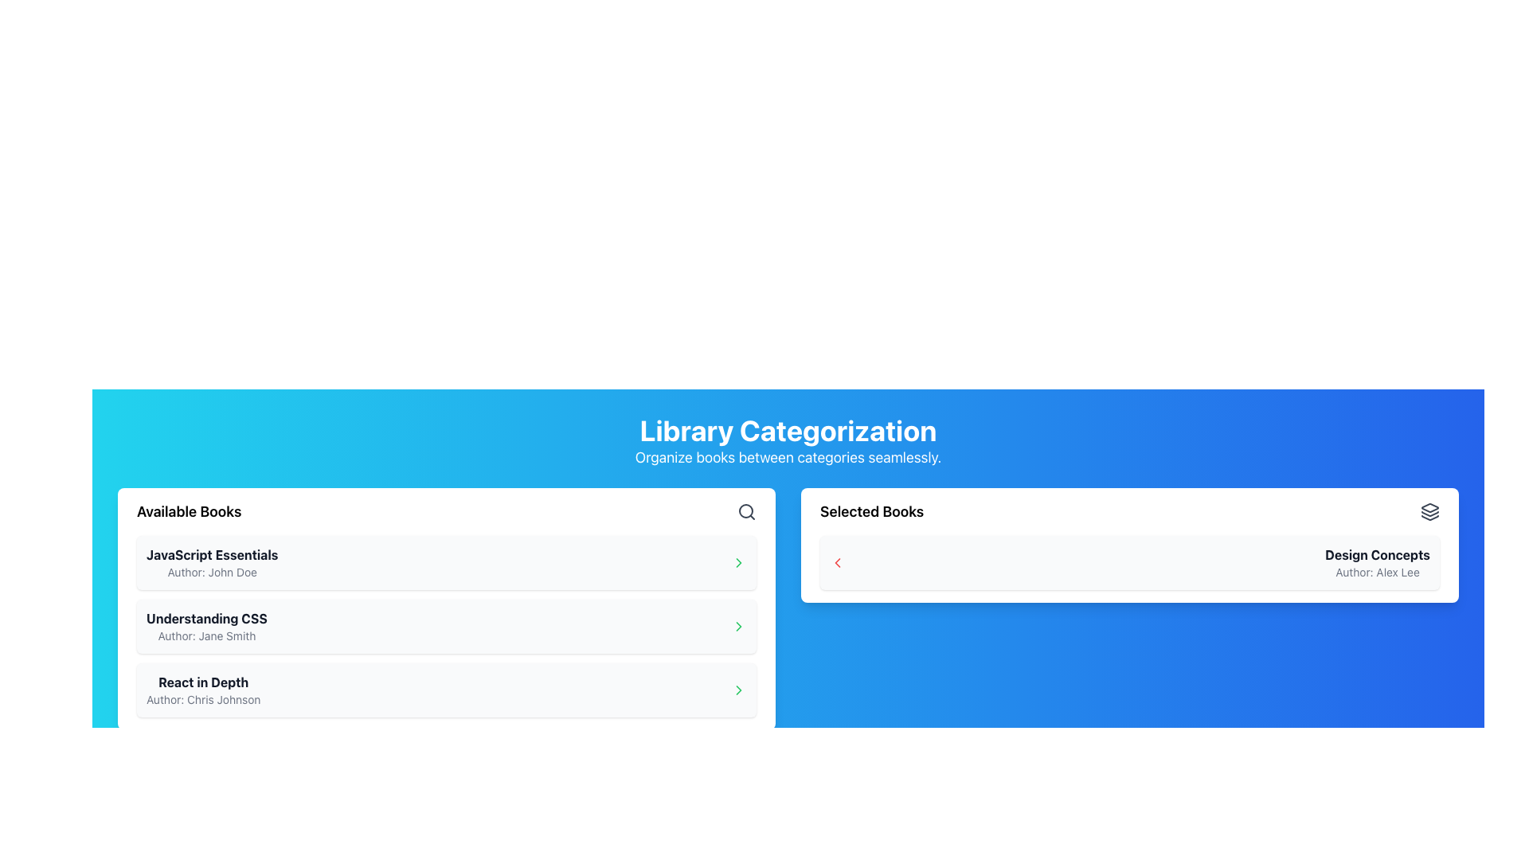 This screenshot has width=1529, height=860. What do you see at coordinates (446, 512) in the screenshot?
I see `the text within the Header with an Icon that serves as the heading and search area for the book listing` at bounding box center [446, 512].